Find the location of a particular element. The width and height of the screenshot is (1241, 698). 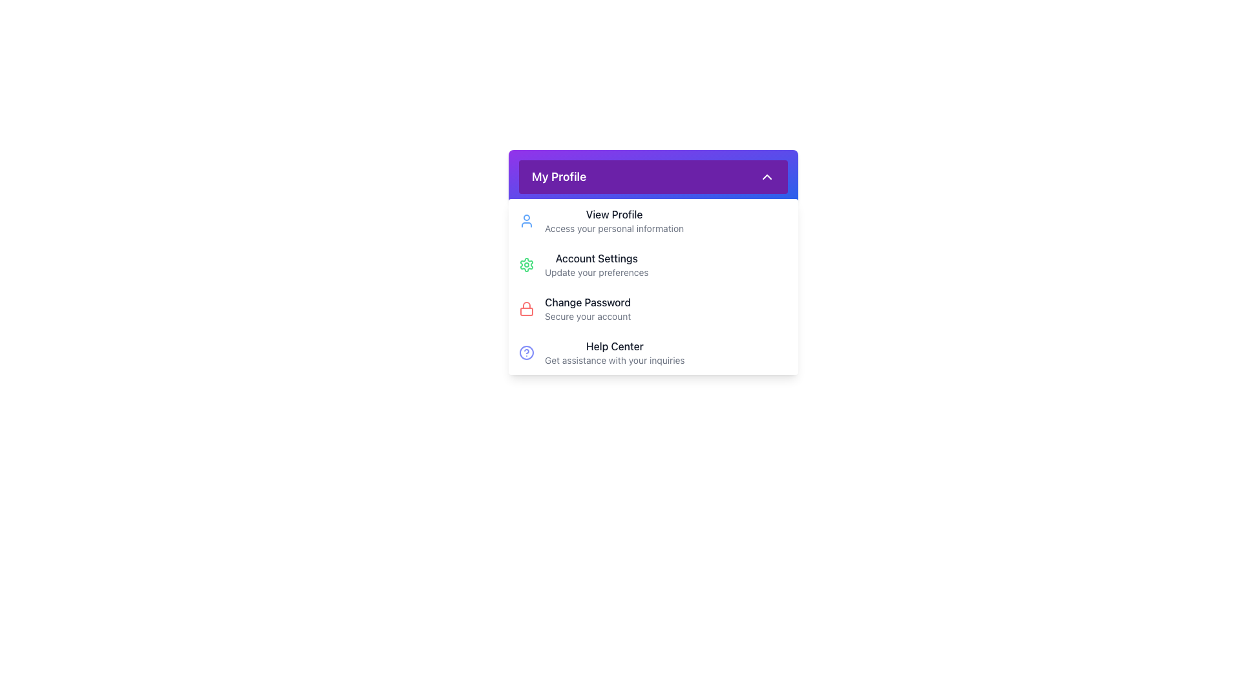

the text label that serves as a heading for the section under the purple heading 'My Profile', positioned between 'View Profile' and 'Change Password' is located at coordinates (596, 259).